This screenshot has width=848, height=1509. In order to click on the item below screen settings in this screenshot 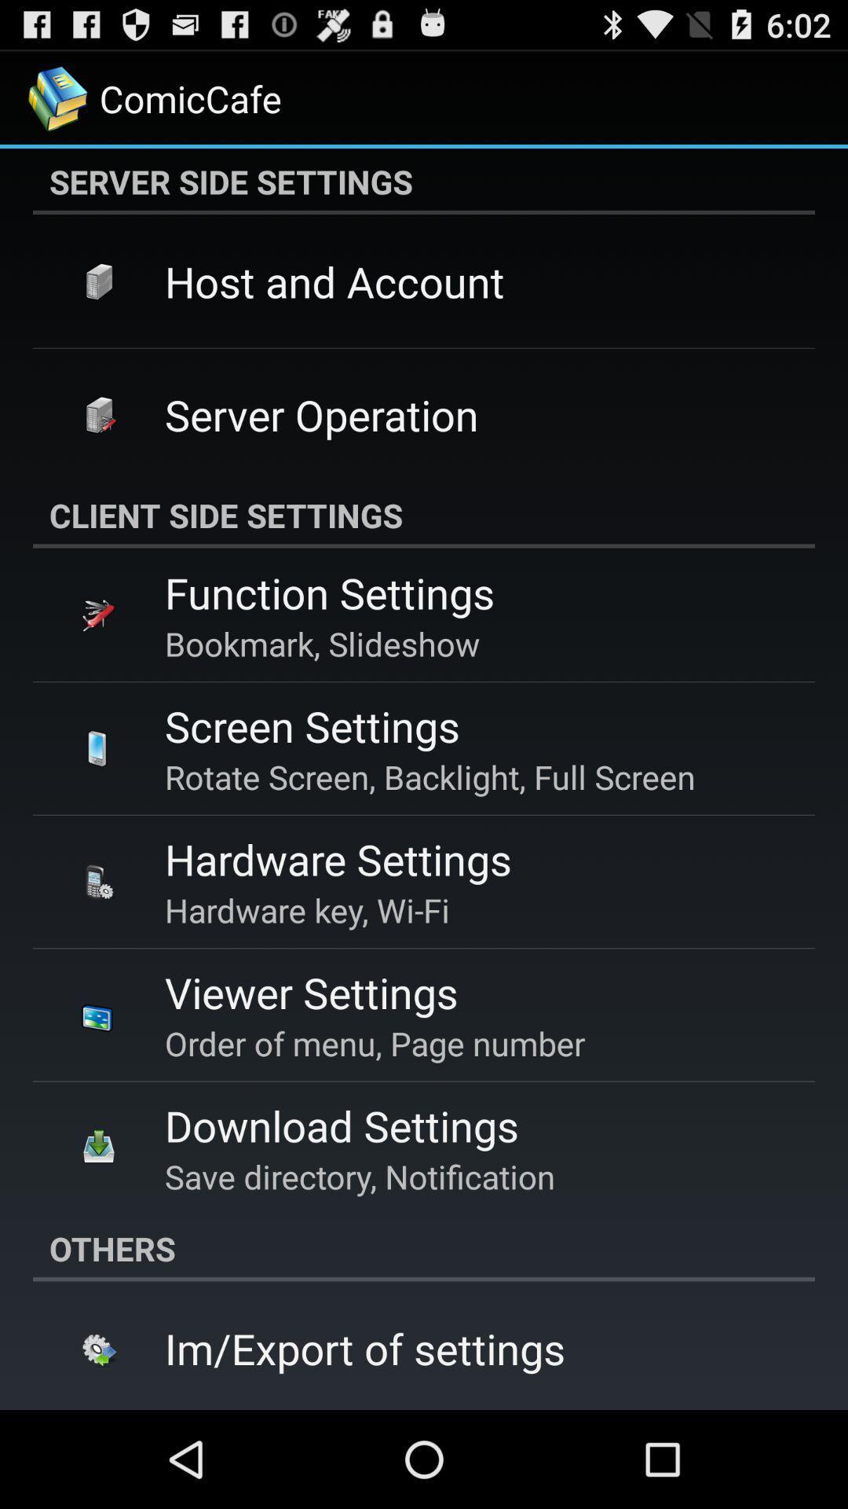, I will do `click(429, 777)`.